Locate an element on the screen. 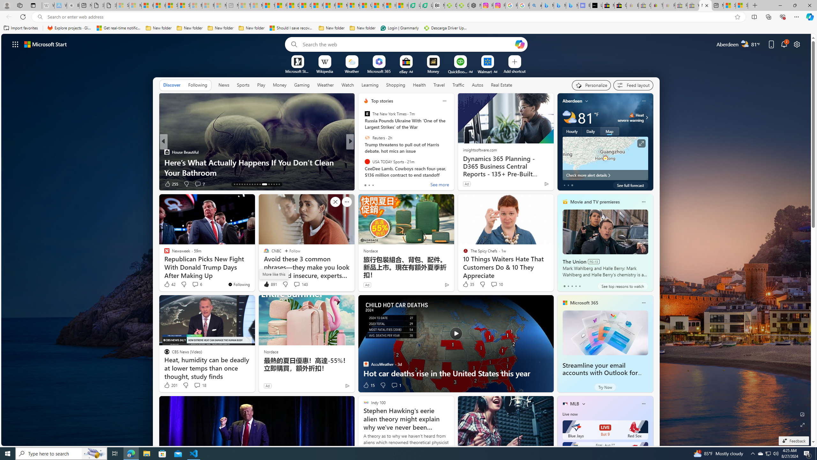  'USA TODAY Sports' is located at coordinates (367, 161).